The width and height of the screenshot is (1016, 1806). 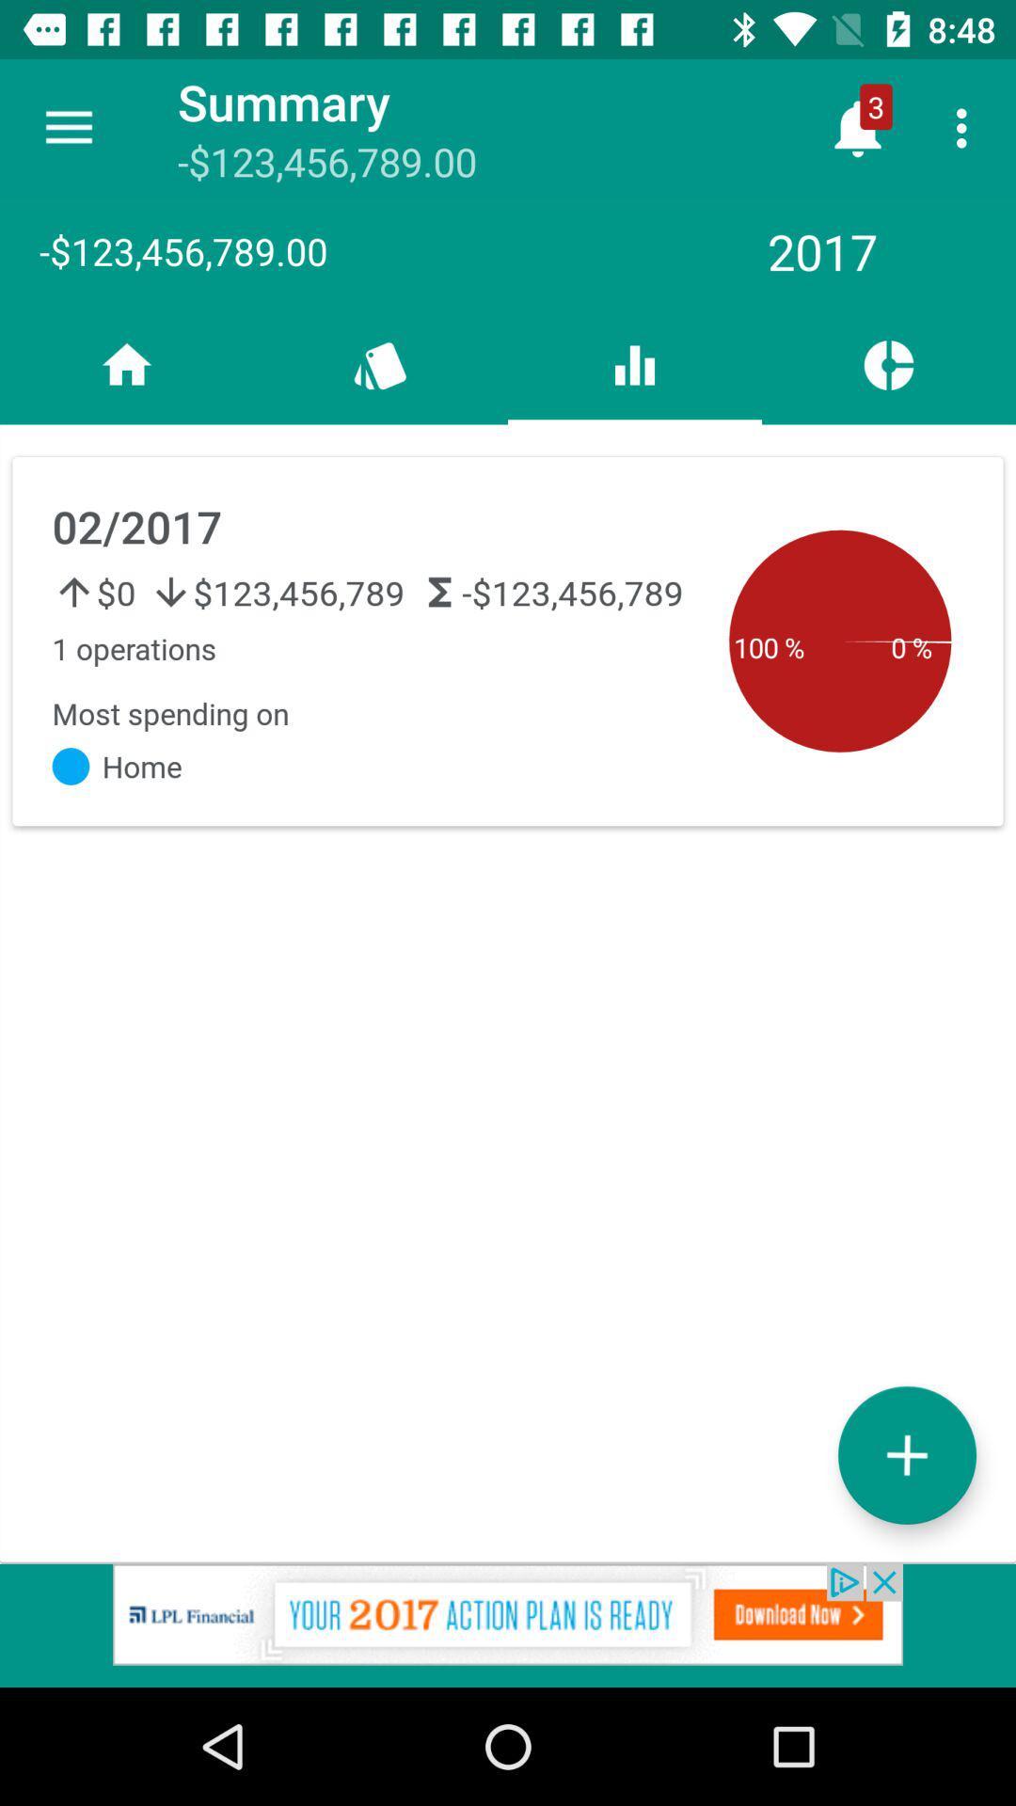 What do you see at coordinates (508, 1624) in the screenshot?
I see `advantisment` at bounding box center [508, 1624].